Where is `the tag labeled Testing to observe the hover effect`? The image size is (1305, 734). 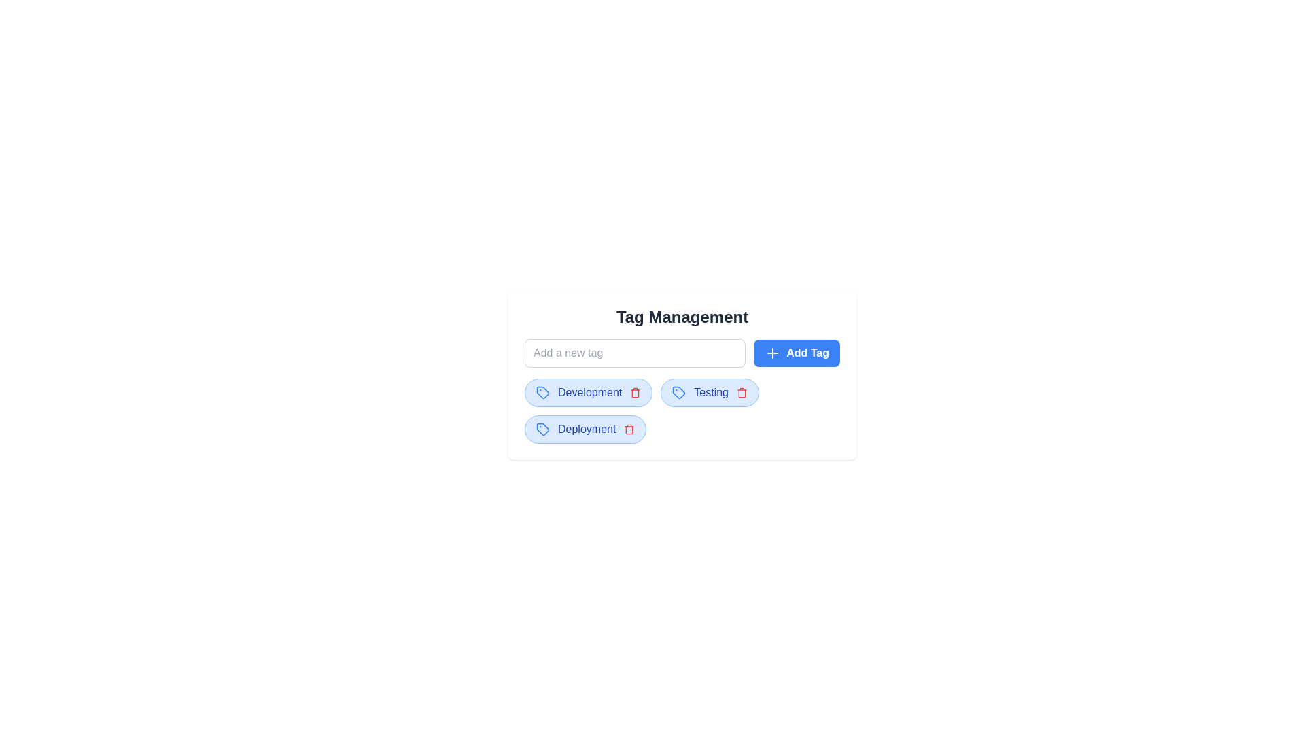 the tag labeled Testing to observe the hover effect is located at coordinates (708, 393).